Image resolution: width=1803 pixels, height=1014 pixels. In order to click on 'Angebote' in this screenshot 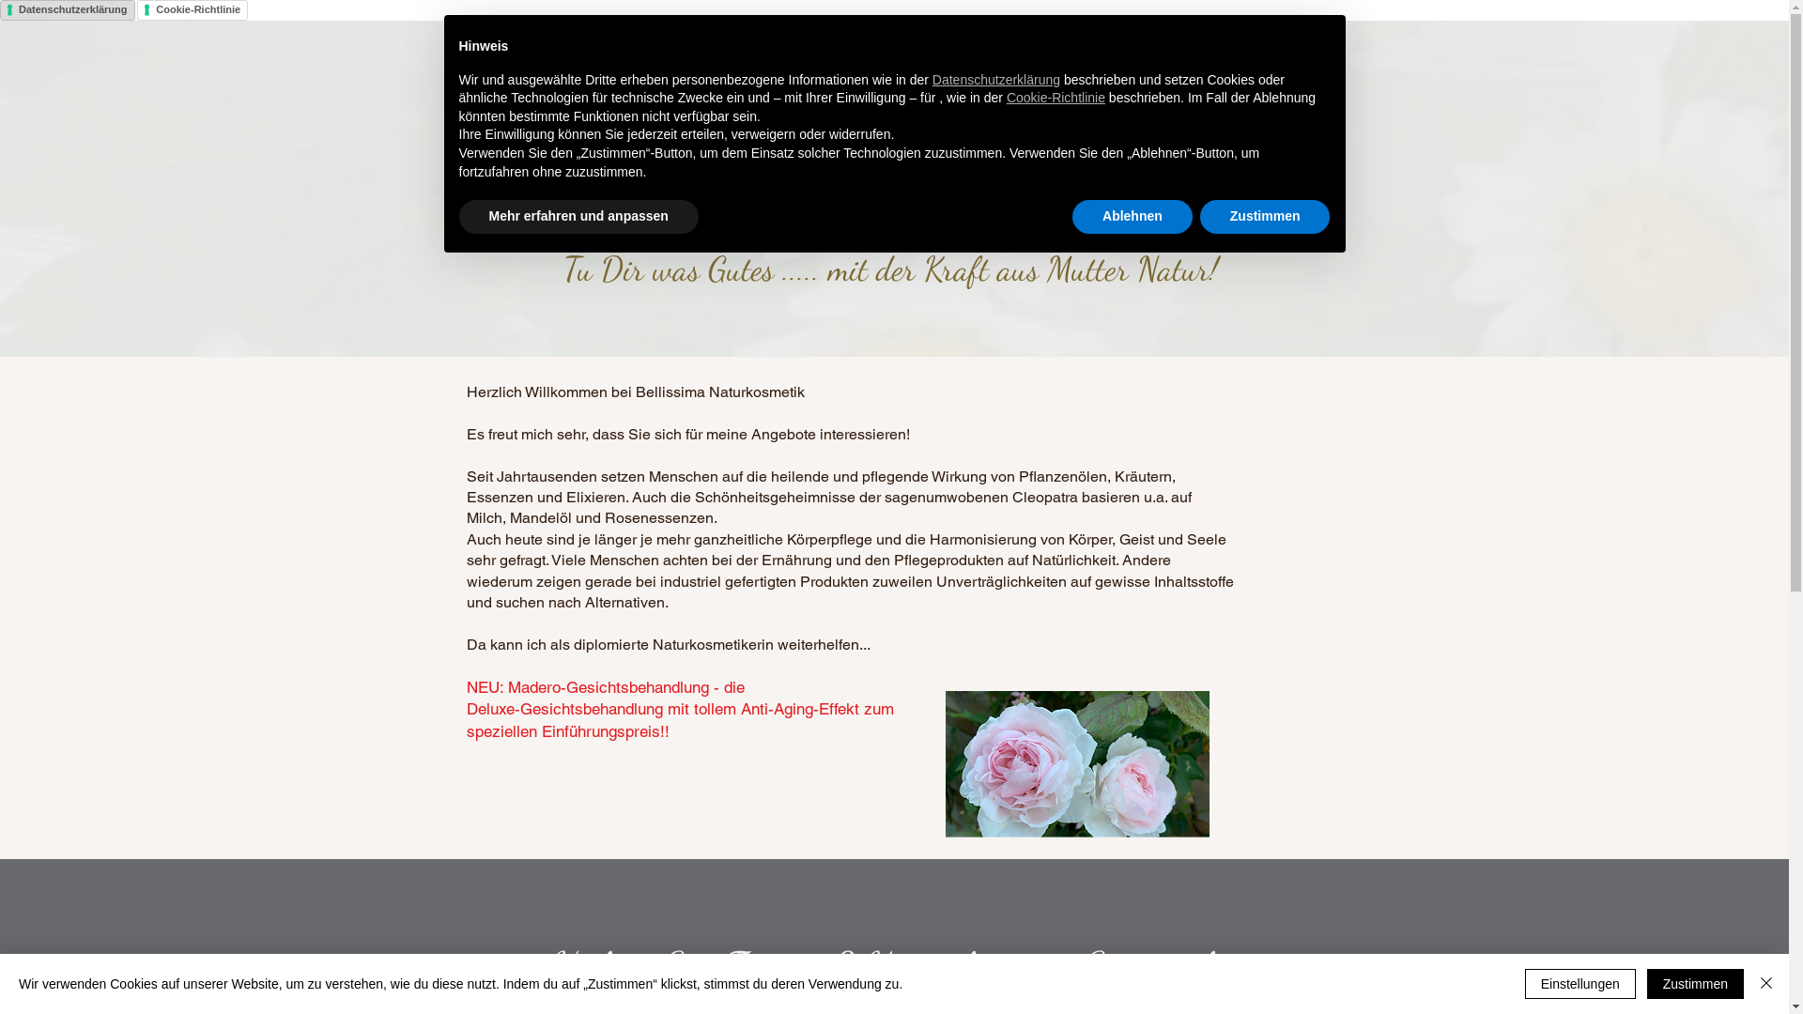, I will do `click(865, 67)`.